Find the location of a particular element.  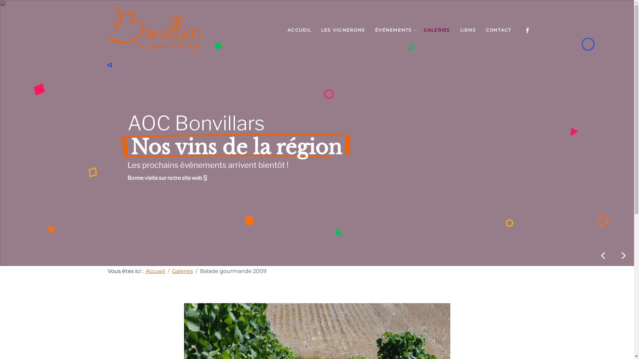

'Galeries' is located at coordinates (182, 271).